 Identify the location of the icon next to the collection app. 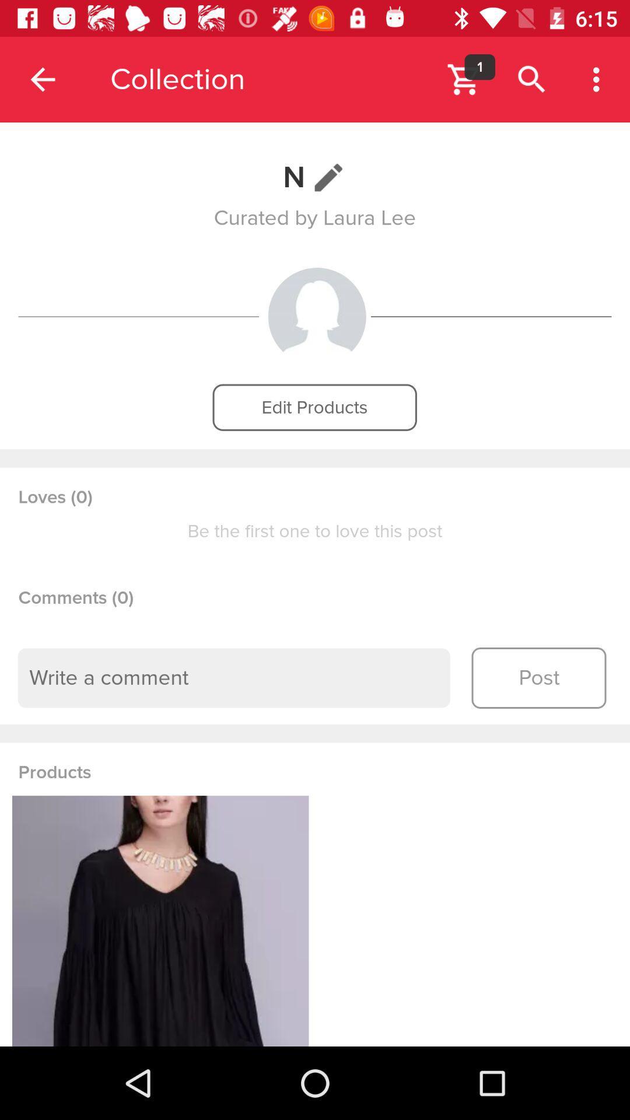
(480, 66).